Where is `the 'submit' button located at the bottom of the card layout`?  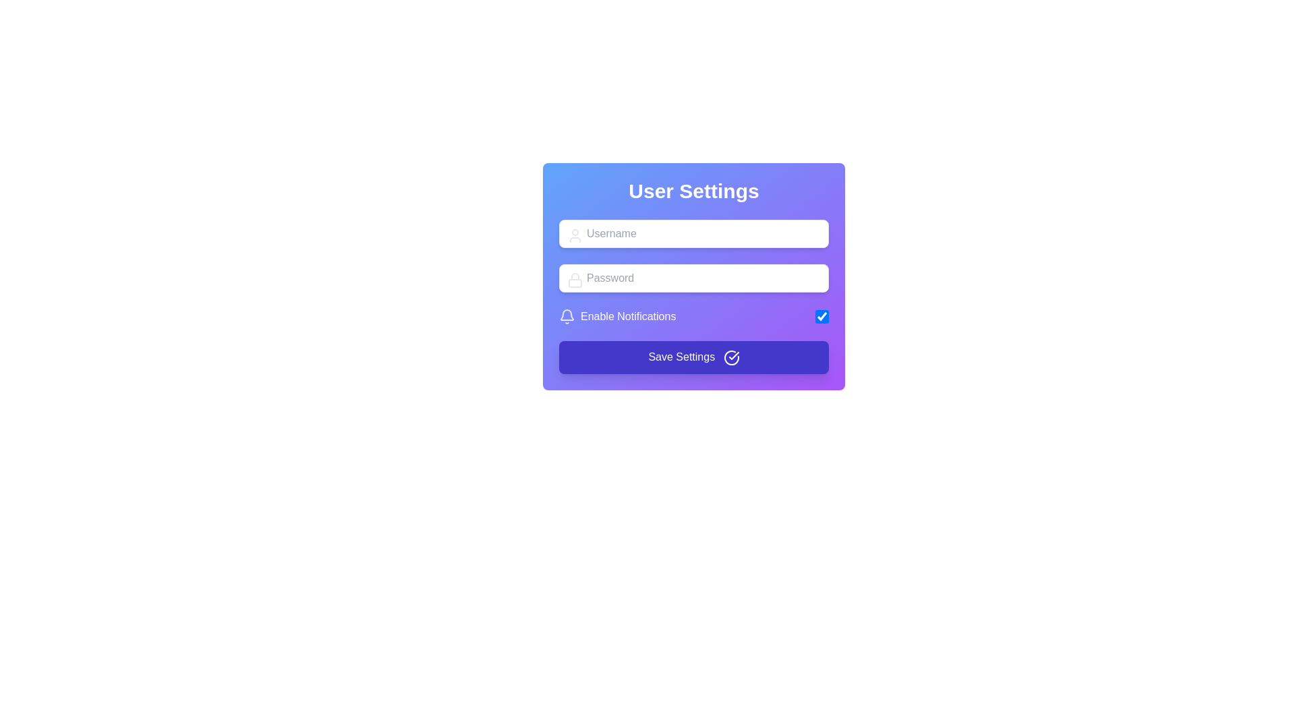
the 'submit' button located at the bottom of the card layout is located at coordinates (693, 356).